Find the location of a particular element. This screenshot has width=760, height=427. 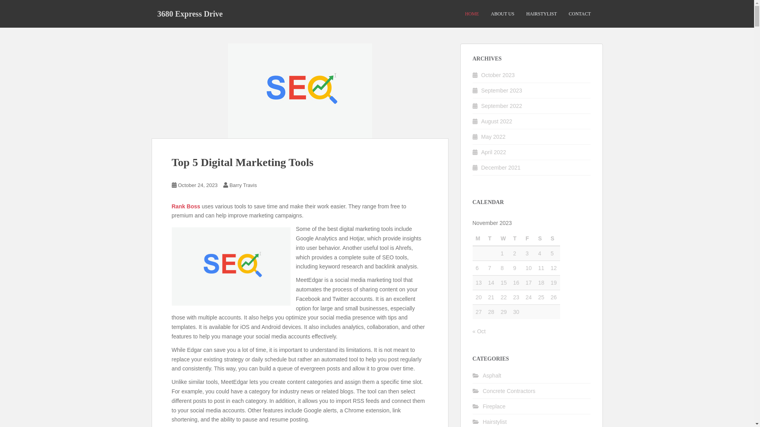

'Top 5 Digital Marketing Tools' is located at coordinates (242, 162).